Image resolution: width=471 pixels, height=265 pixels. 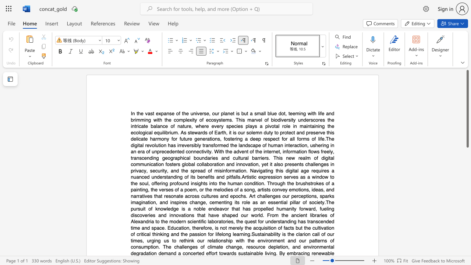 I want to click on the scrollbar to slide the page down, so click(x=467, y=154).